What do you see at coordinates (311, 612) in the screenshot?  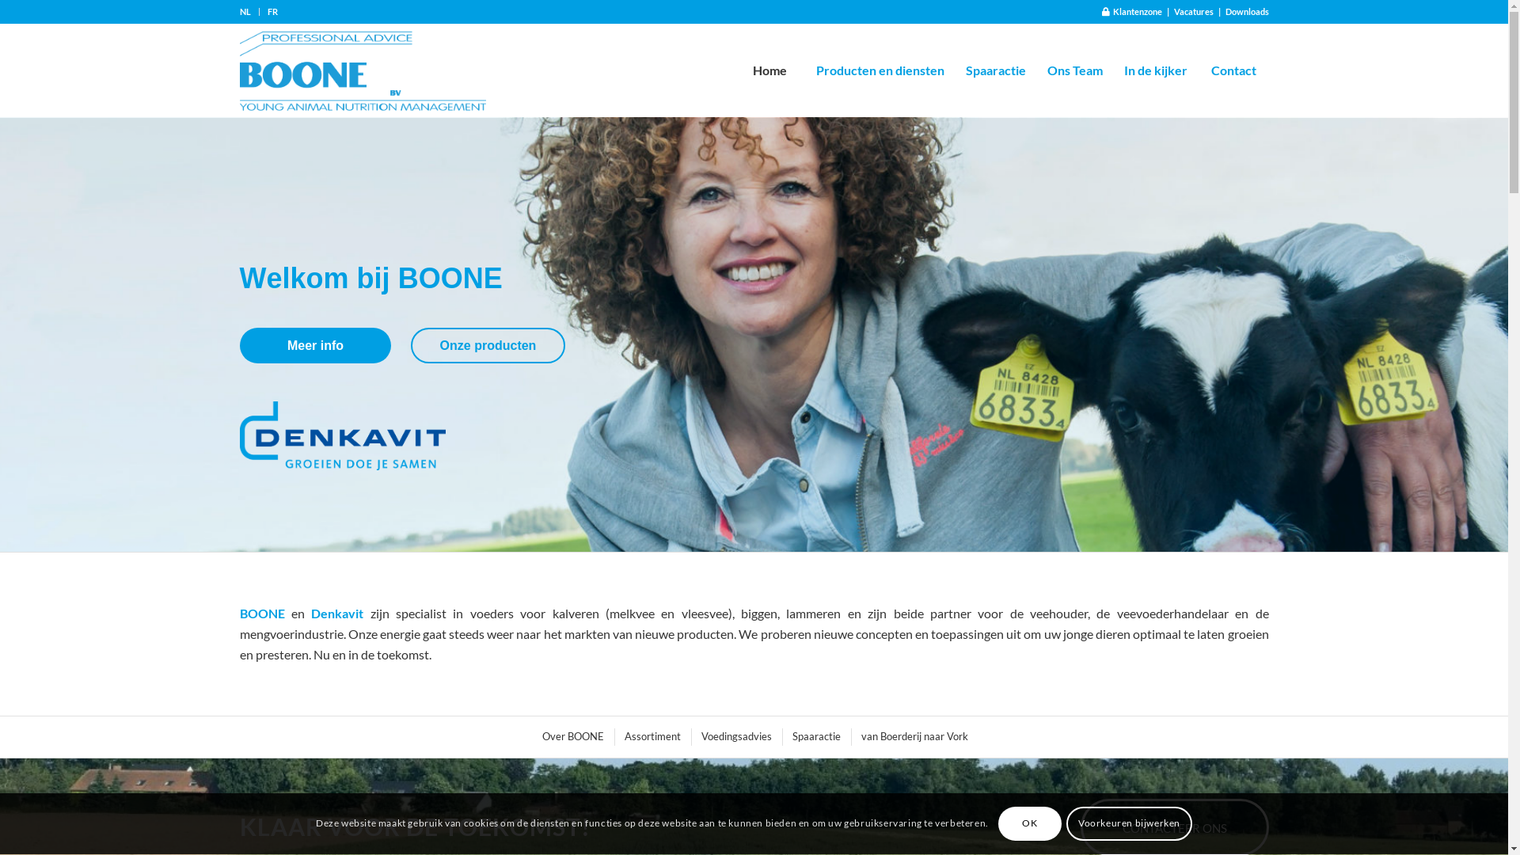 I see `'Denkavit'` at bounding box center [311, 612].